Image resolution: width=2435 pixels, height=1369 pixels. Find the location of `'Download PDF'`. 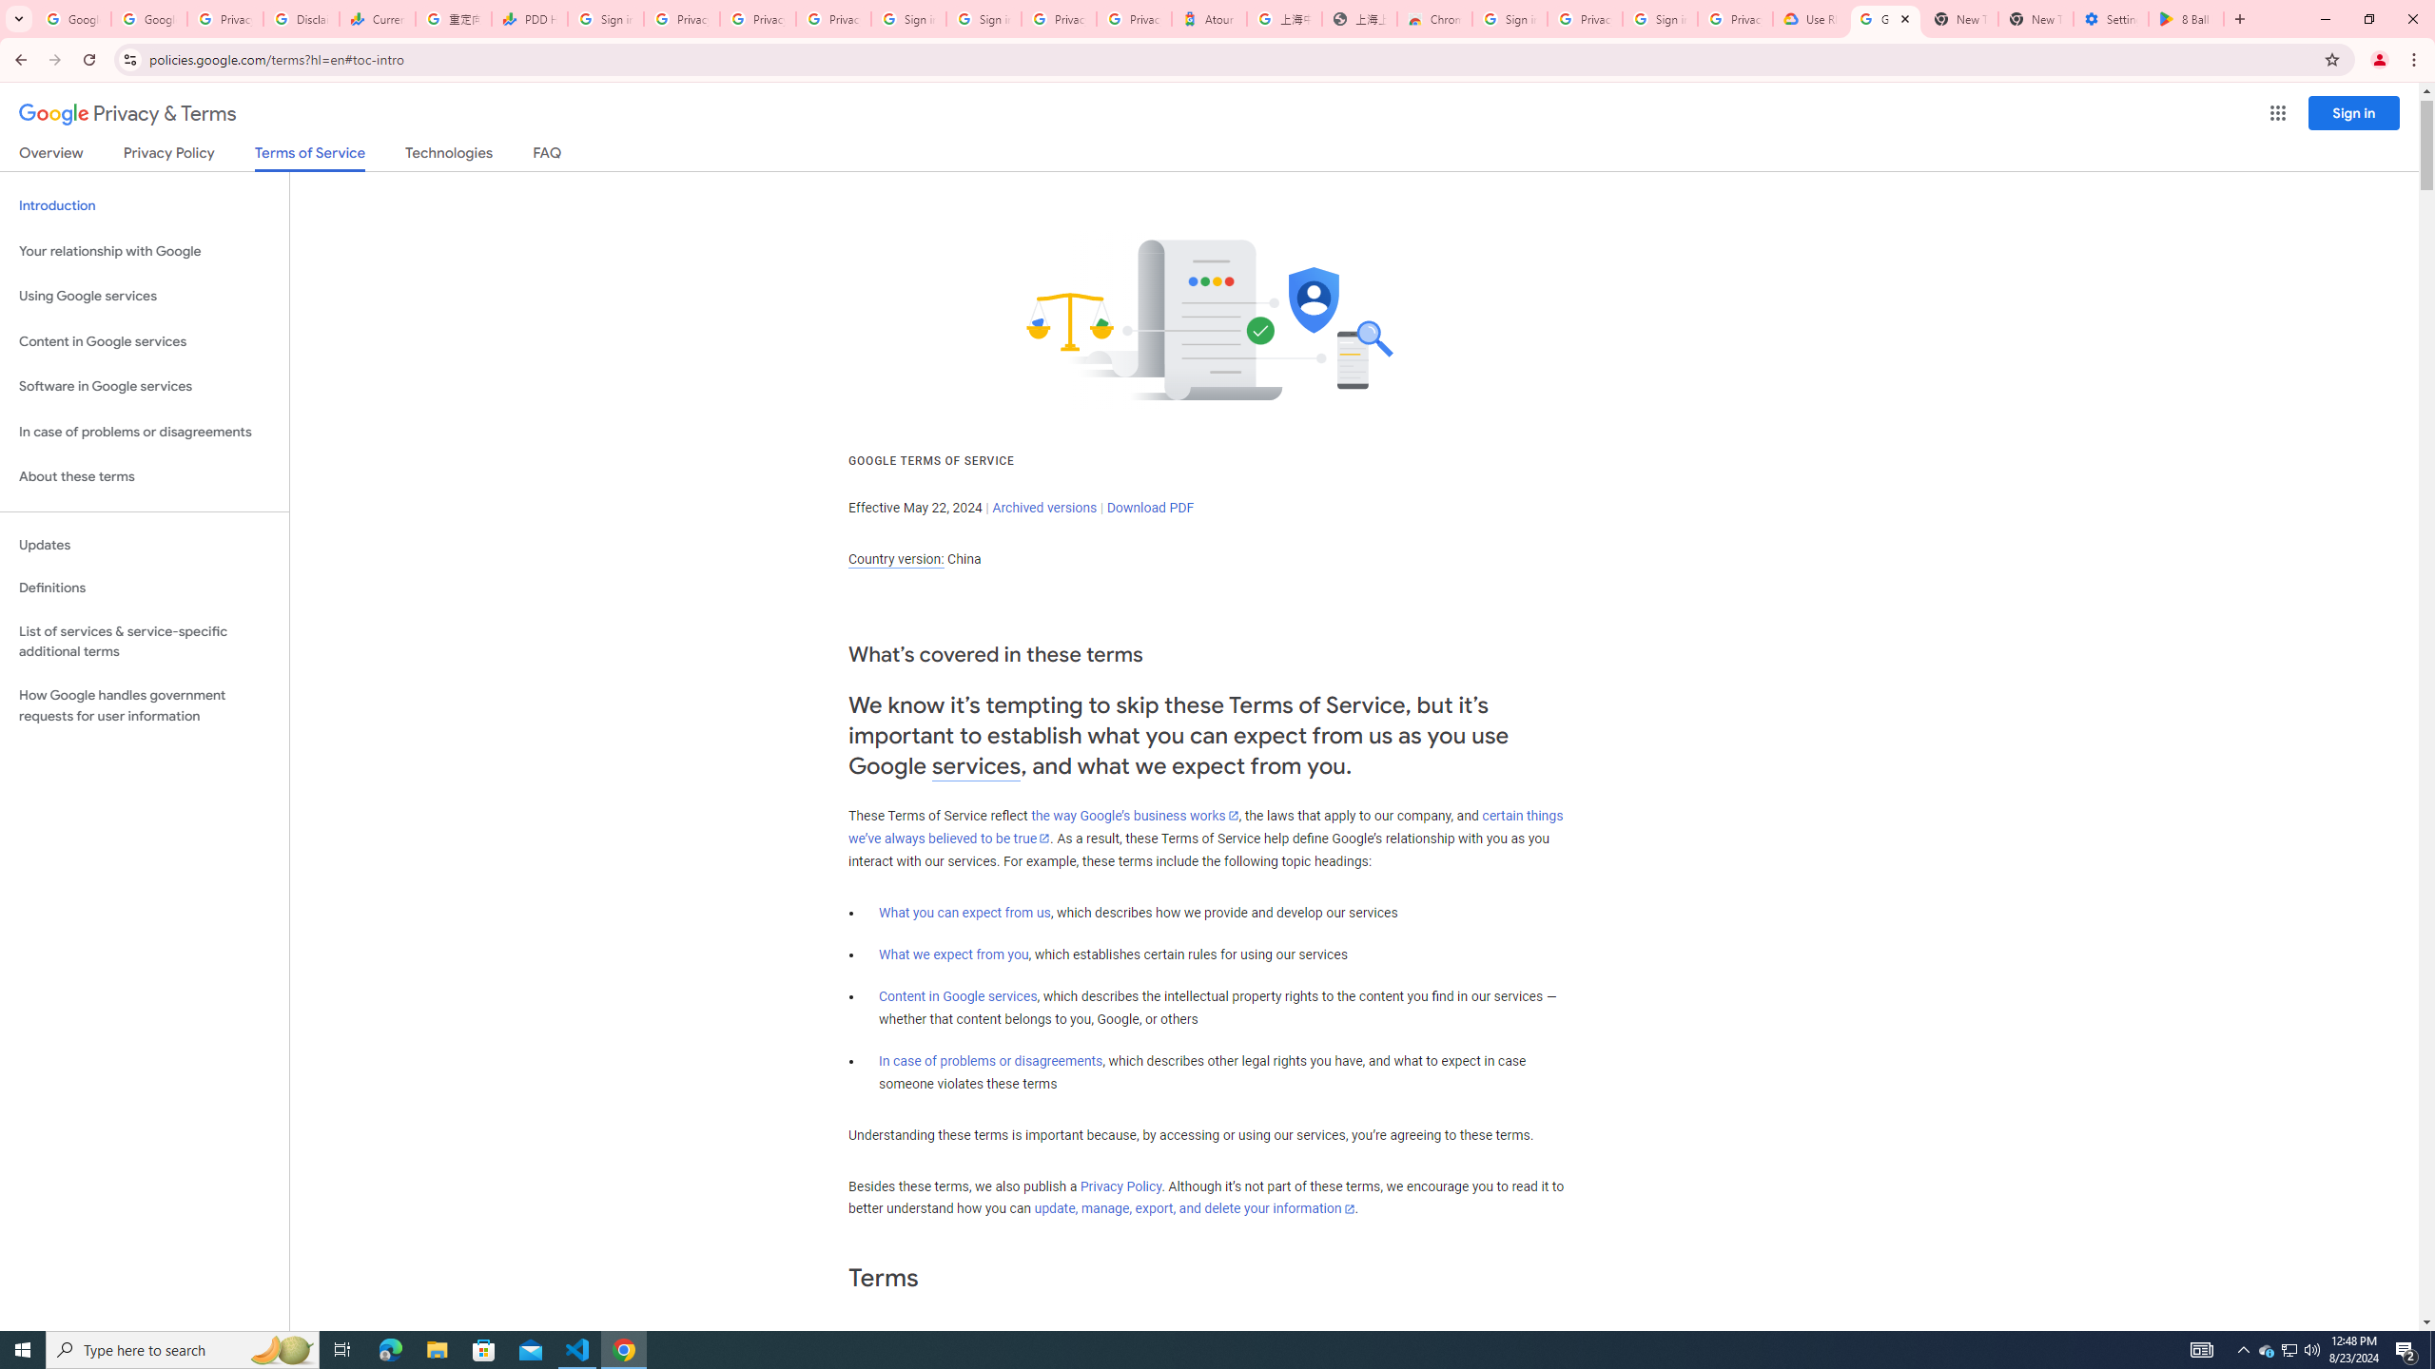

'Download PDF' is located at coordinates (1149, 507).